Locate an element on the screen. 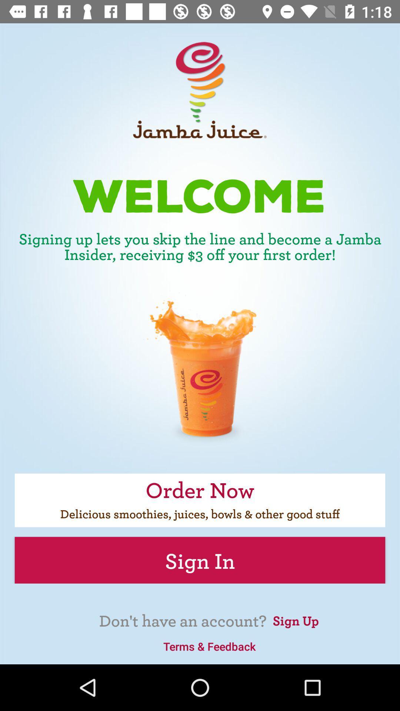  terms & feedback item is located at coordinates (209, 646).